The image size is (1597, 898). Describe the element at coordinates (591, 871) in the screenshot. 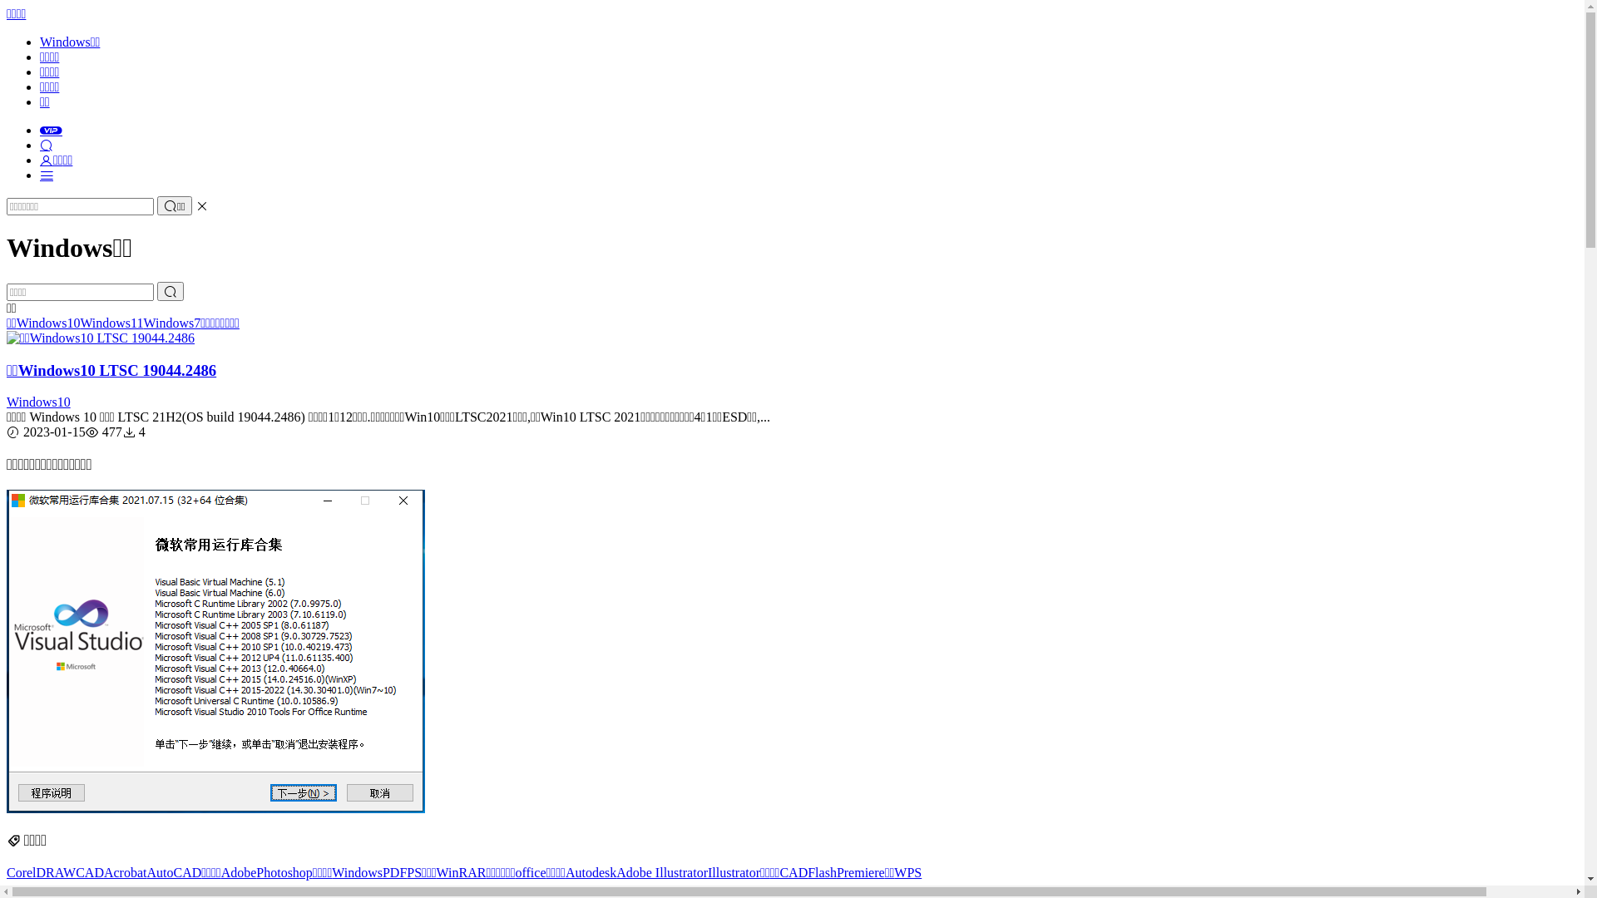

I see `'Autodesk'` at that location.